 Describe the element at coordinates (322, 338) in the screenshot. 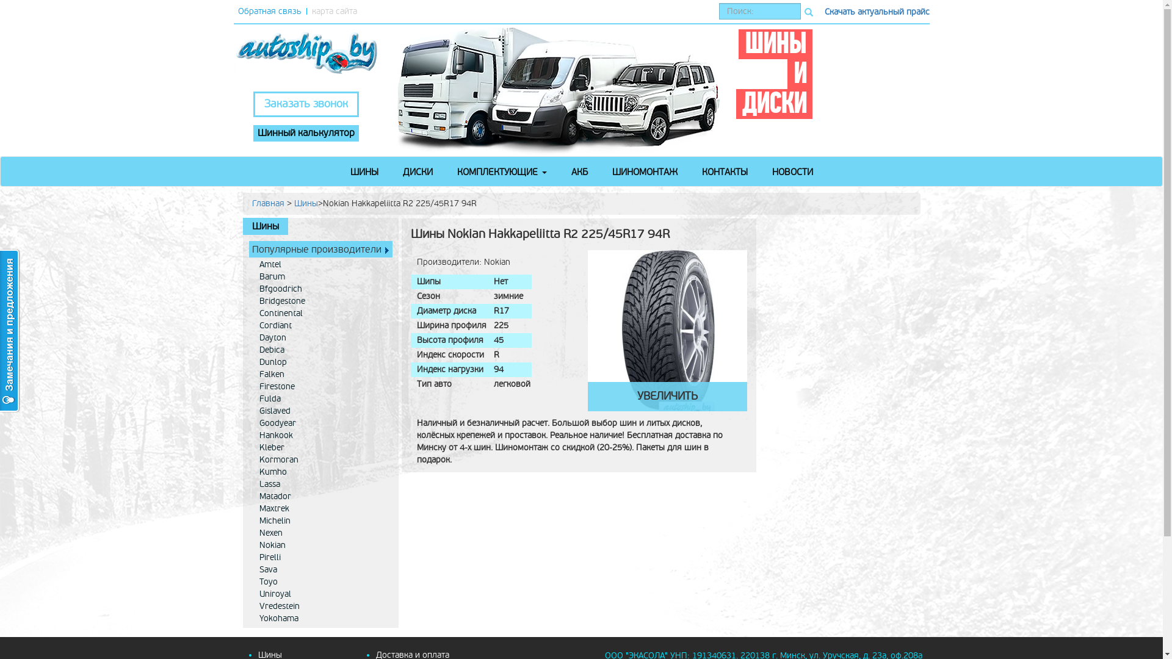

I see `'Dayton'` at that location.